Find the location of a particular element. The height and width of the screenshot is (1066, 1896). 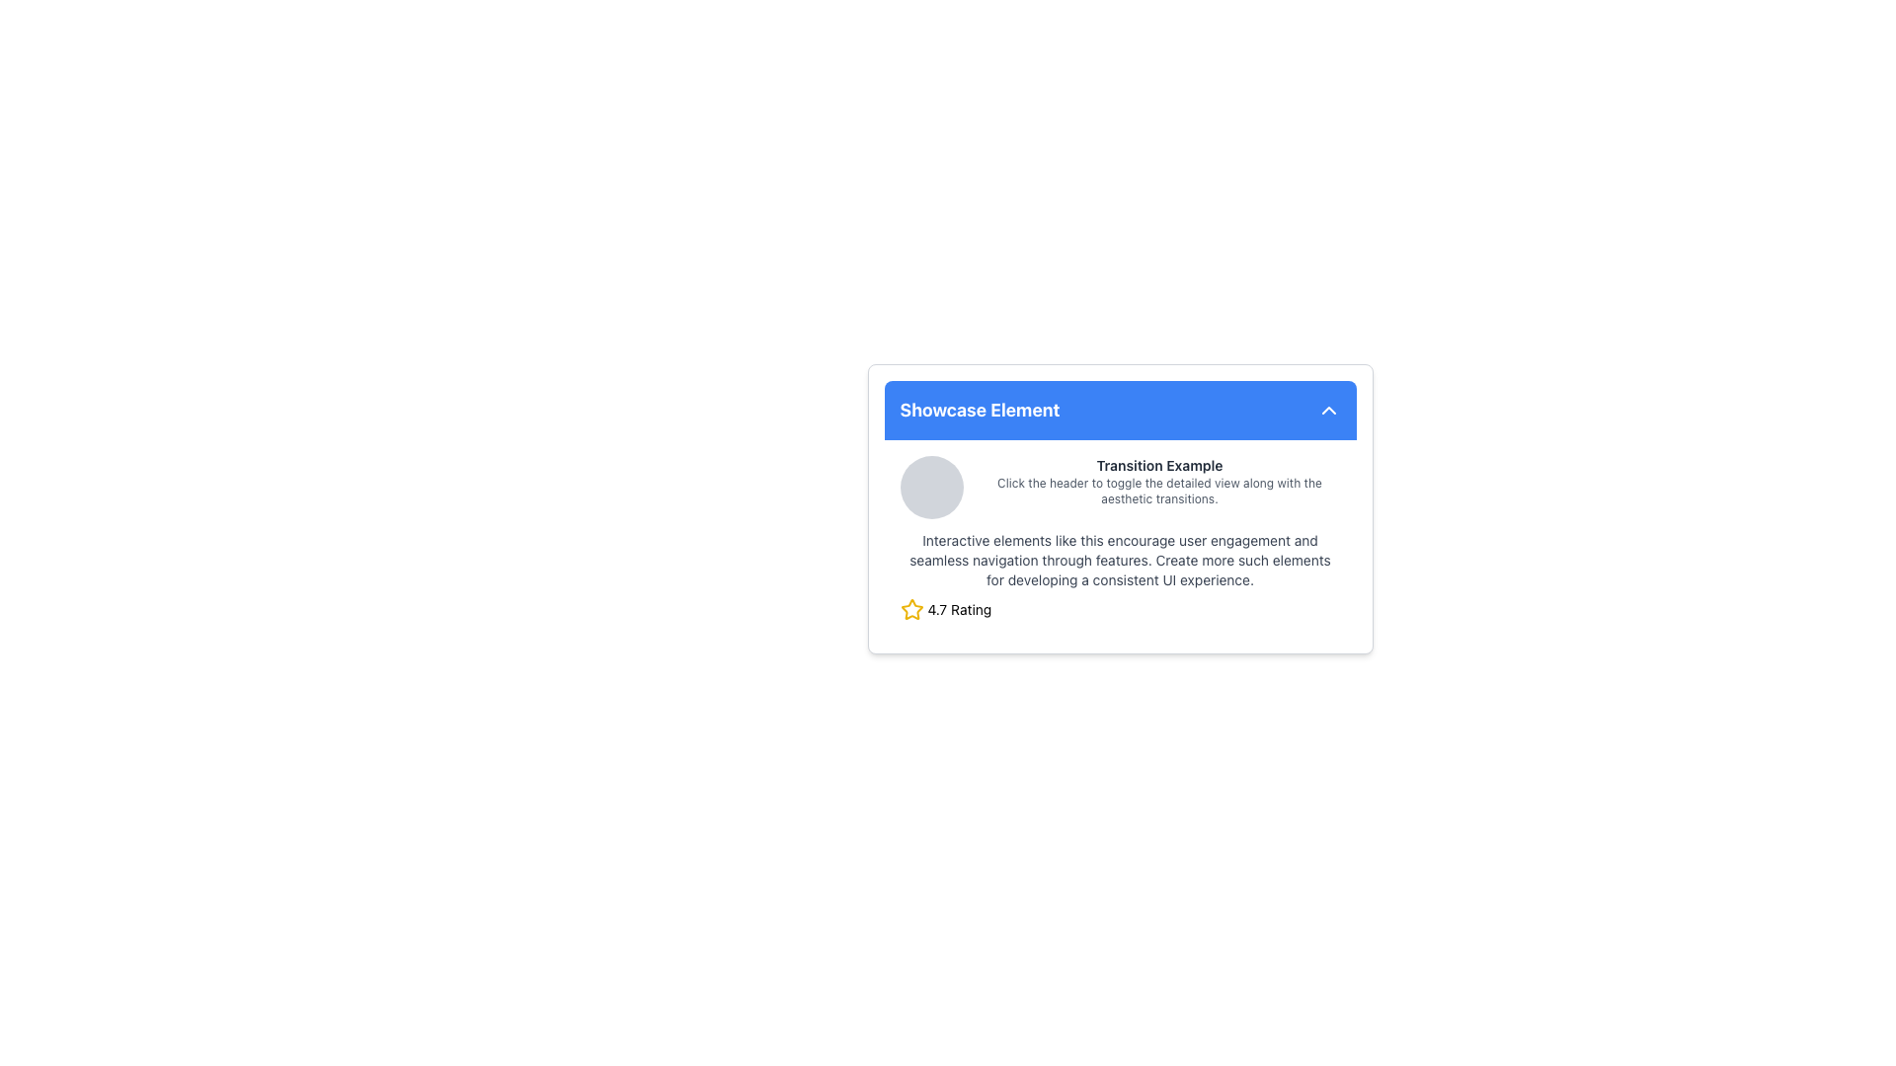

the upward-facing chevron icon with a thin white outline on a blue background, located at the top-right corner of the card component is located at coordinates (1328, 410).